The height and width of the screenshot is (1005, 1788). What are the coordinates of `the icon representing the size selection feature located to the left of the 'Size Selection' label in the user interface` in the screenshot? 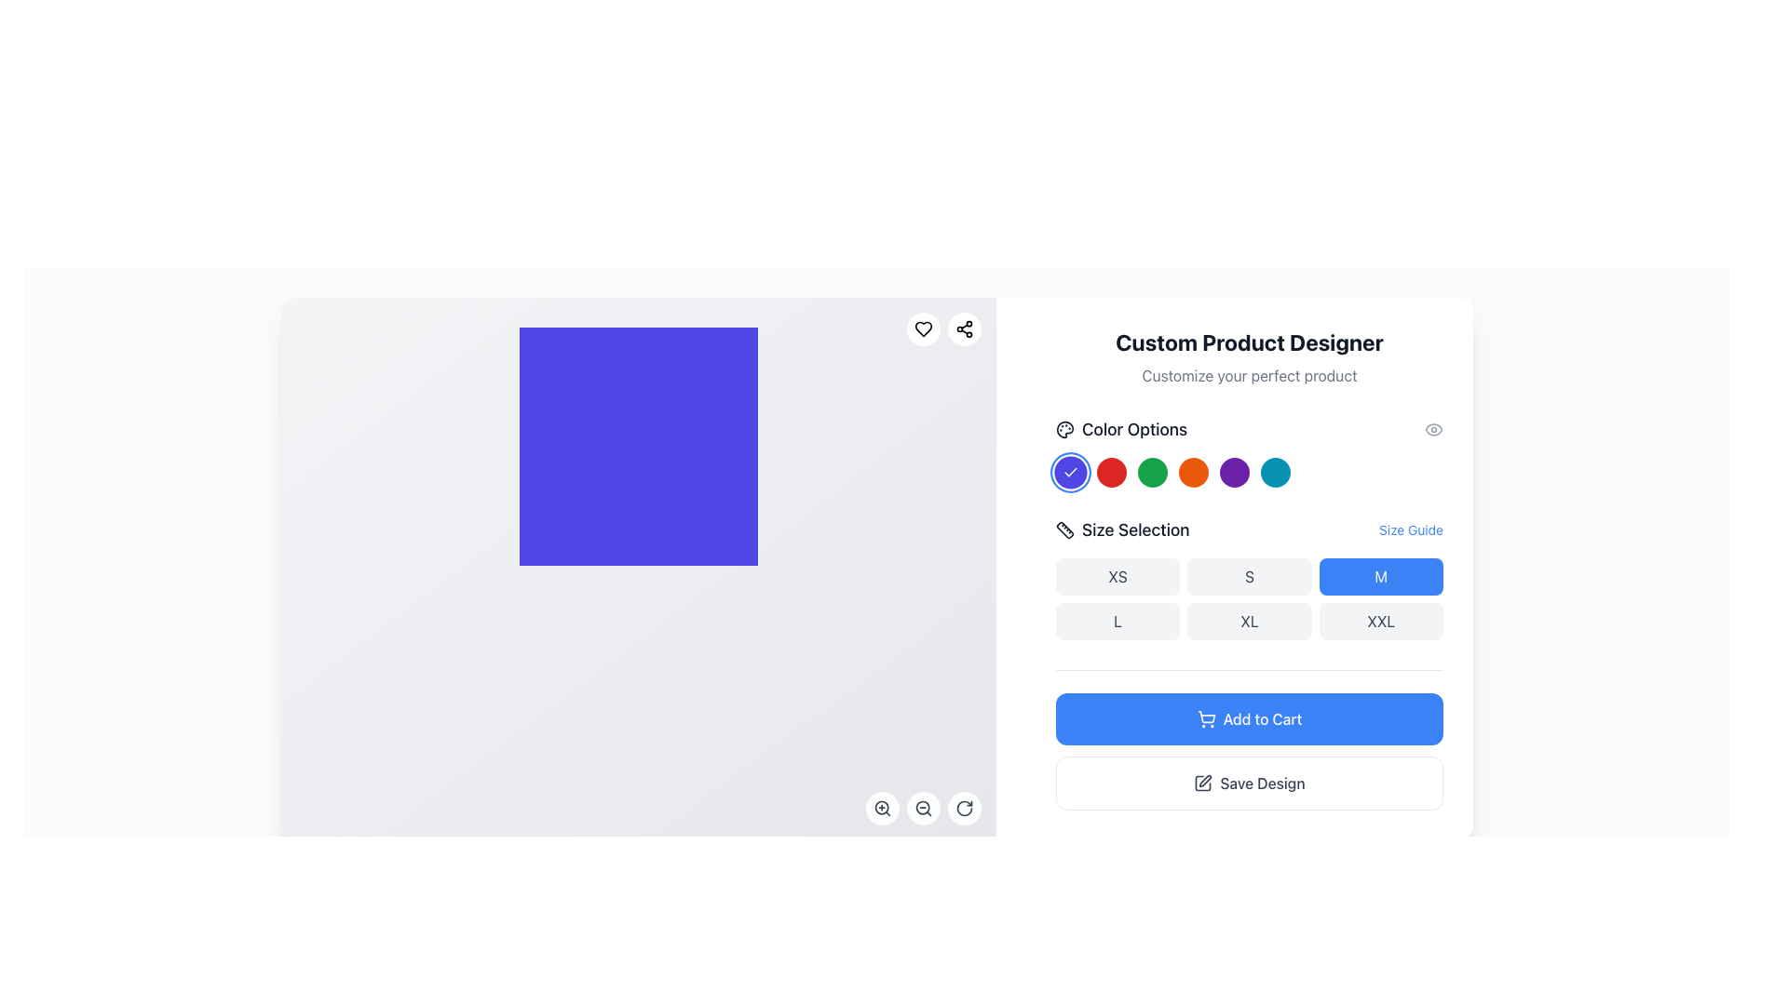 It's located at (1064, 530).